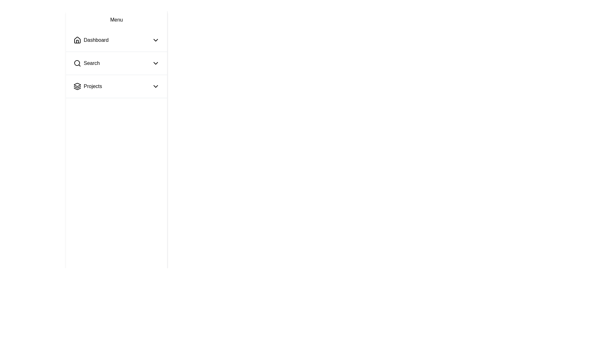 The image size is (609, 342). Describe the element at coordinates (77, 63) in the screenshot. I see `the circular part of the search icon representing the lens of a magnifying glass, located centrally above the 'Search' text in the sidebar` at that location.